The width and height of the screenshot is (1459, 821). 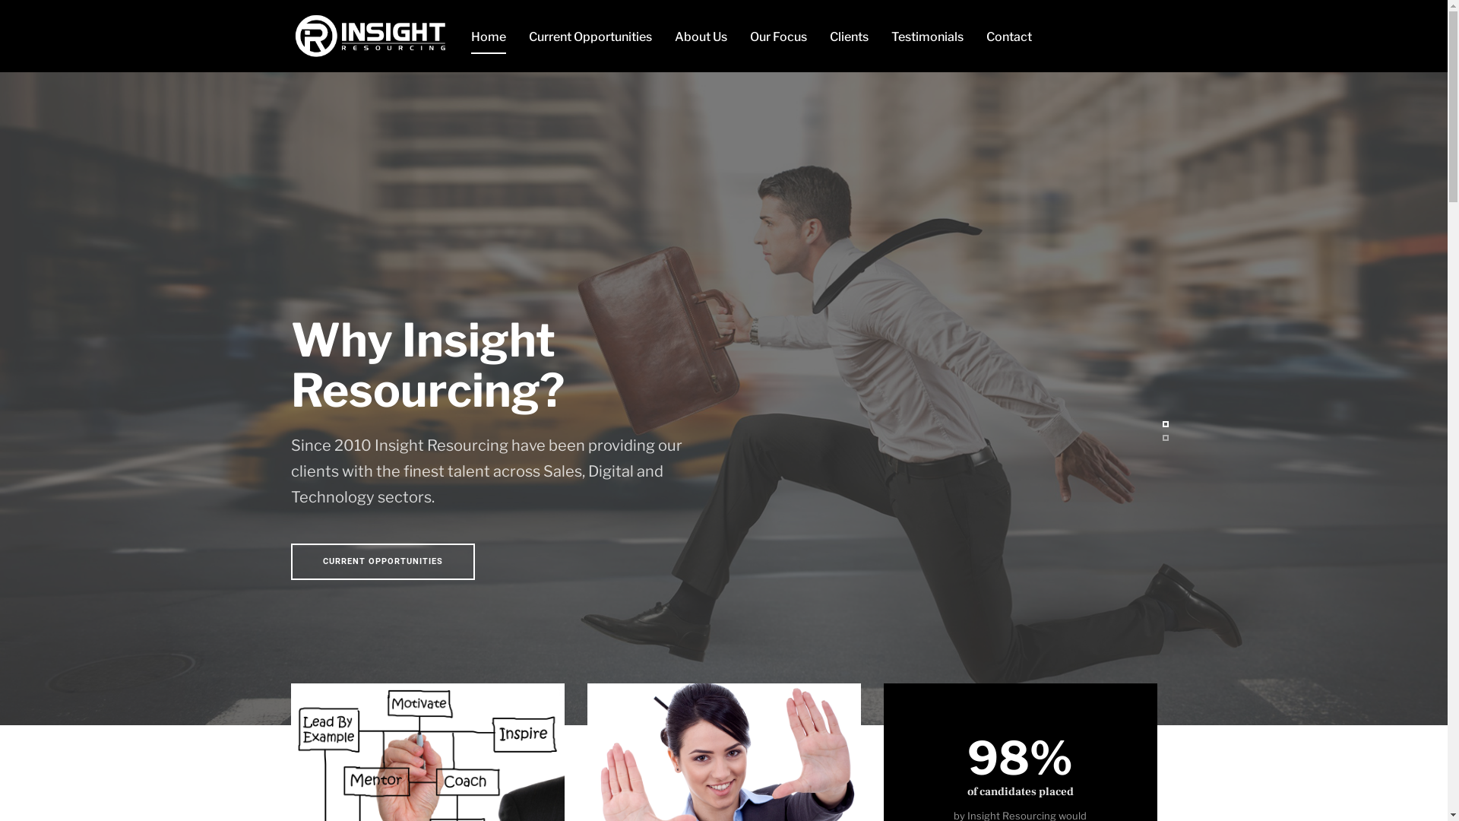 I want to click on 'Our Focus', so click(x=778, y=35).